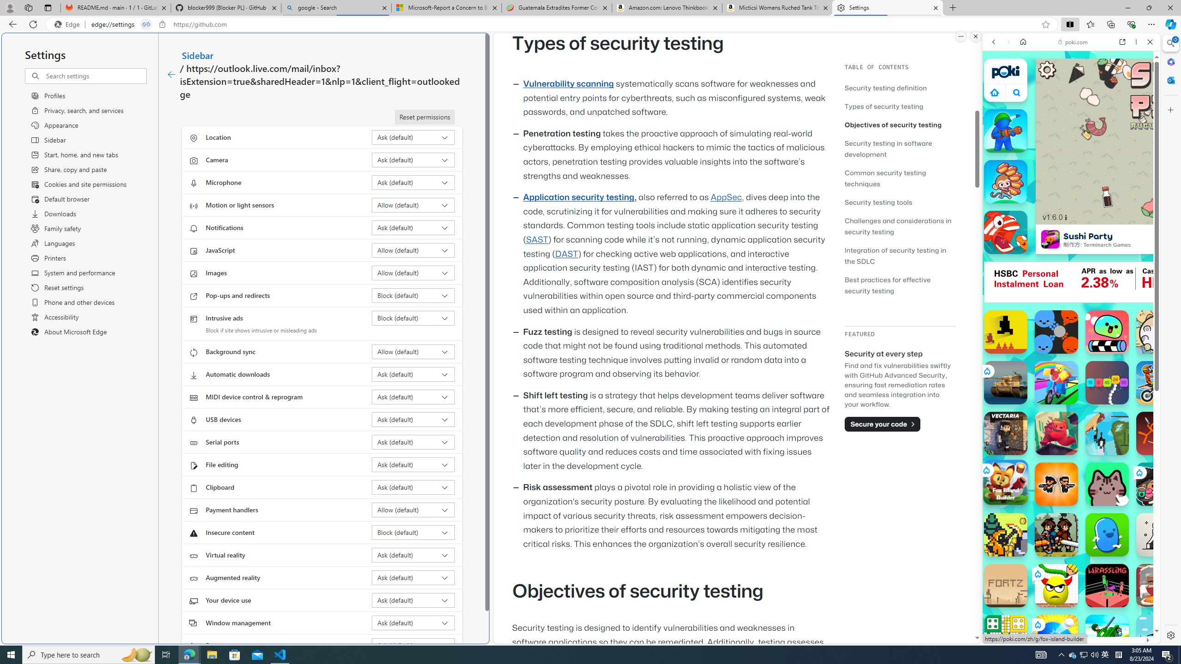 The image size is (1181, 664). Describe the element at coordinates (1107, 534) in the screenshot. I see `'Goober World'` at that location.